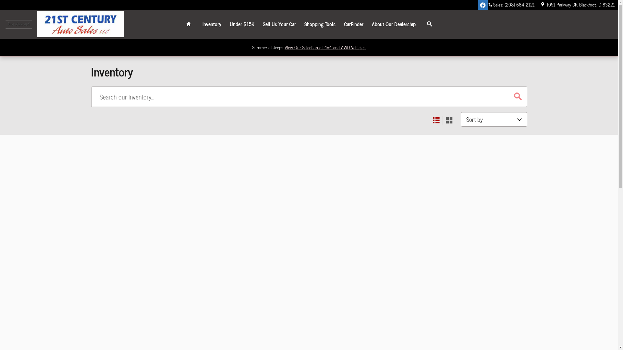  I want to click on 'Search', so click(420, 24).